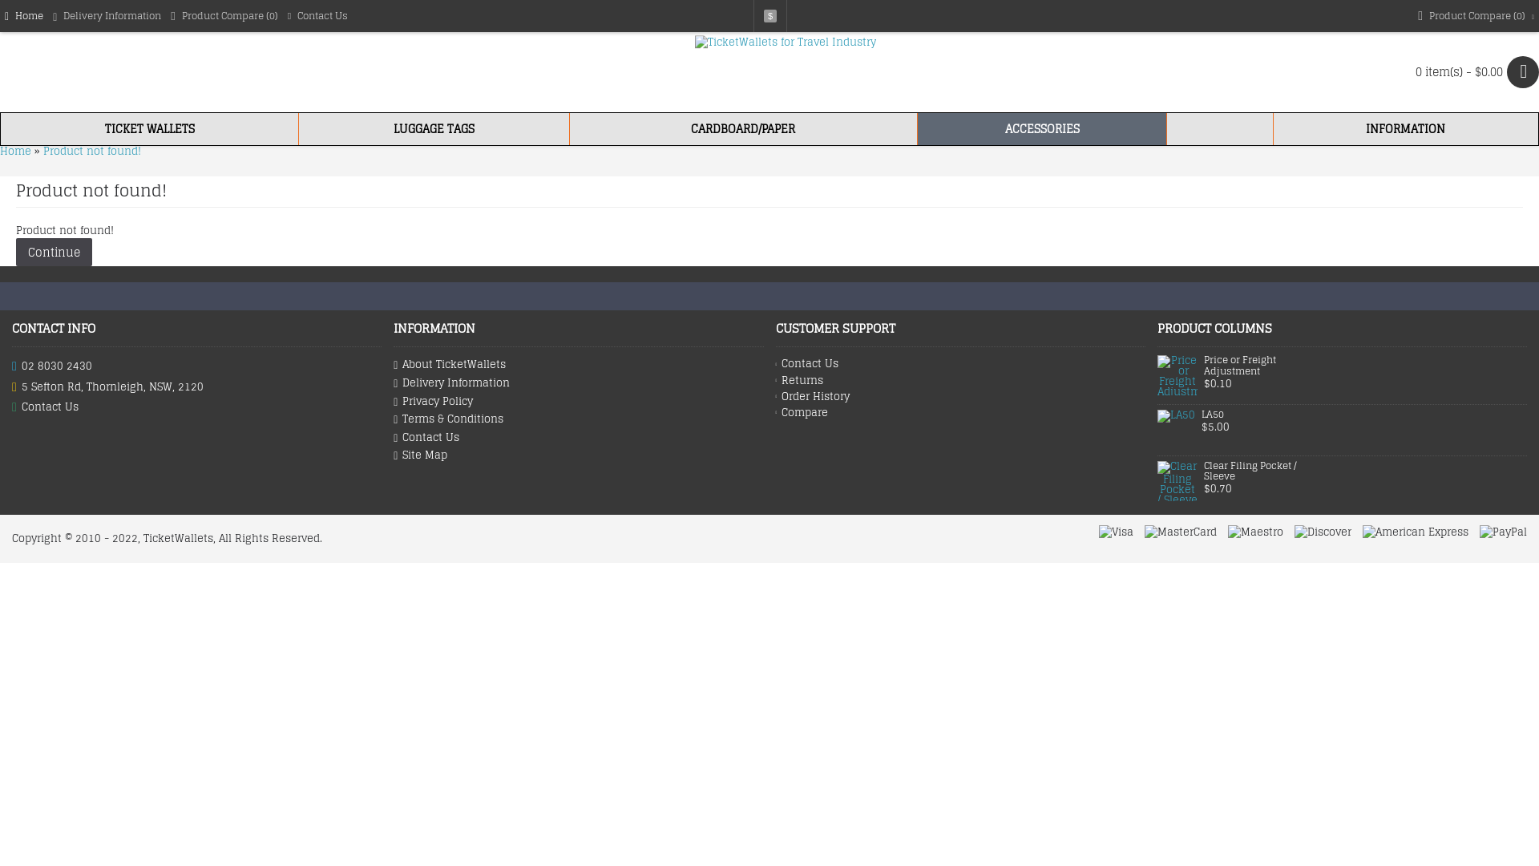 This screenshot has height=866, width=1539. Describe the element at coordinates (1042, 128) in the screenshot. I see `'ACCESSORIES'` at that location.